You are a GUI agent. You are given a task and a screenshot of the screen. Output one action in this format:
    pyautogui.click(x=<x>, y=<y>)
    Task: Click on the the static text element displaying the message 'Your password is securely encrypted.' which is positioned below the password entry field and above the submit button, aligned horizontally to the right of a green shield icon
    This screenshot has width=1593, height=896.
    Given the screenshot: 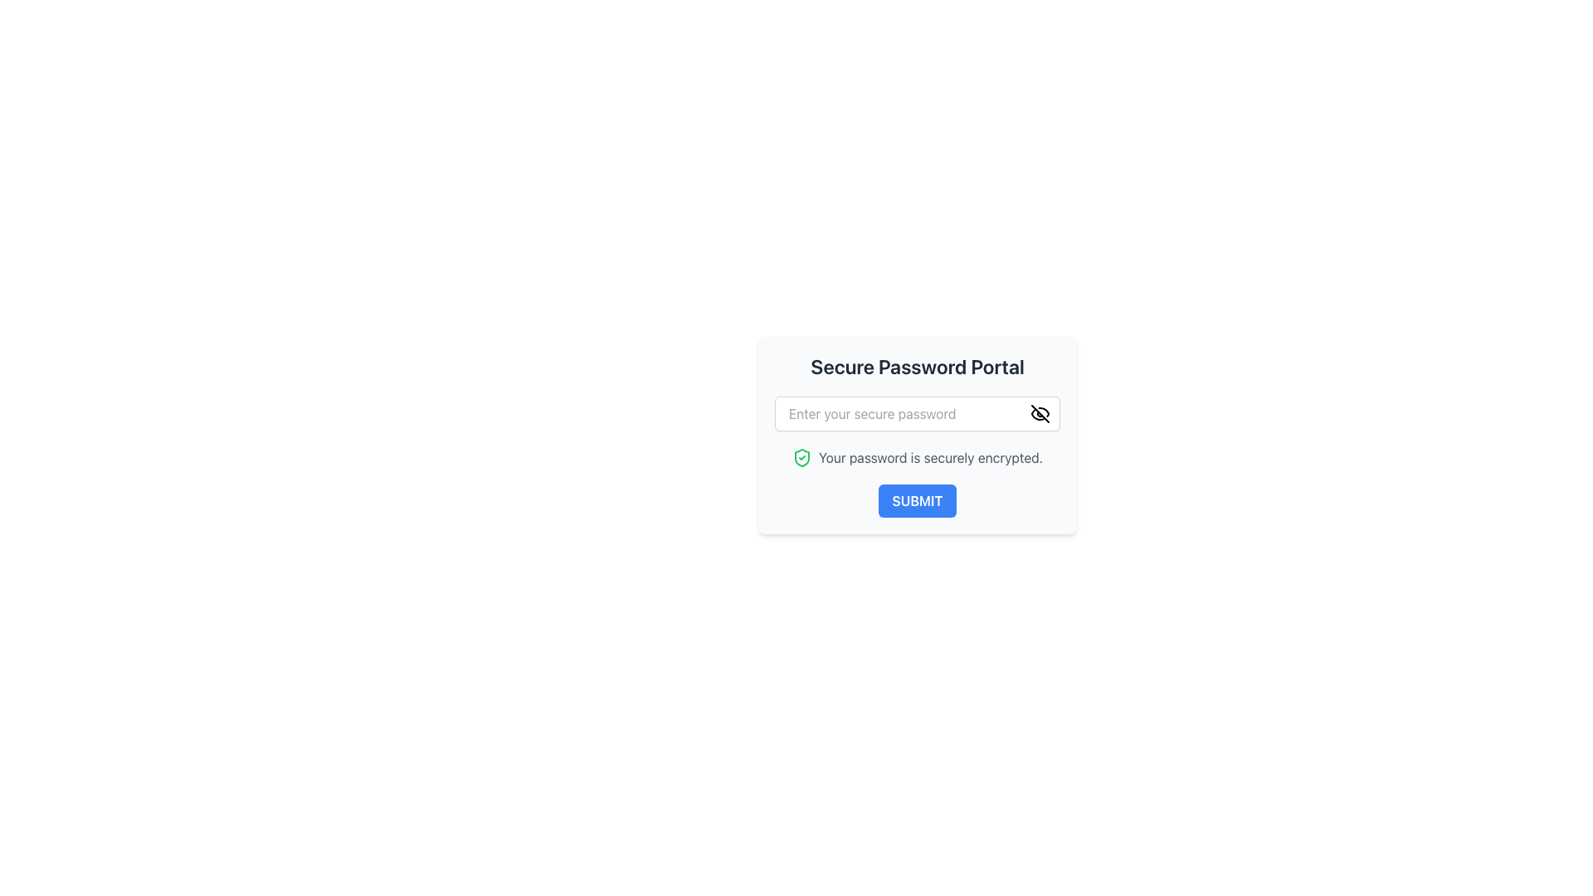 What is the action you would take?
    pyautogui.click(x=931, y=457)
    